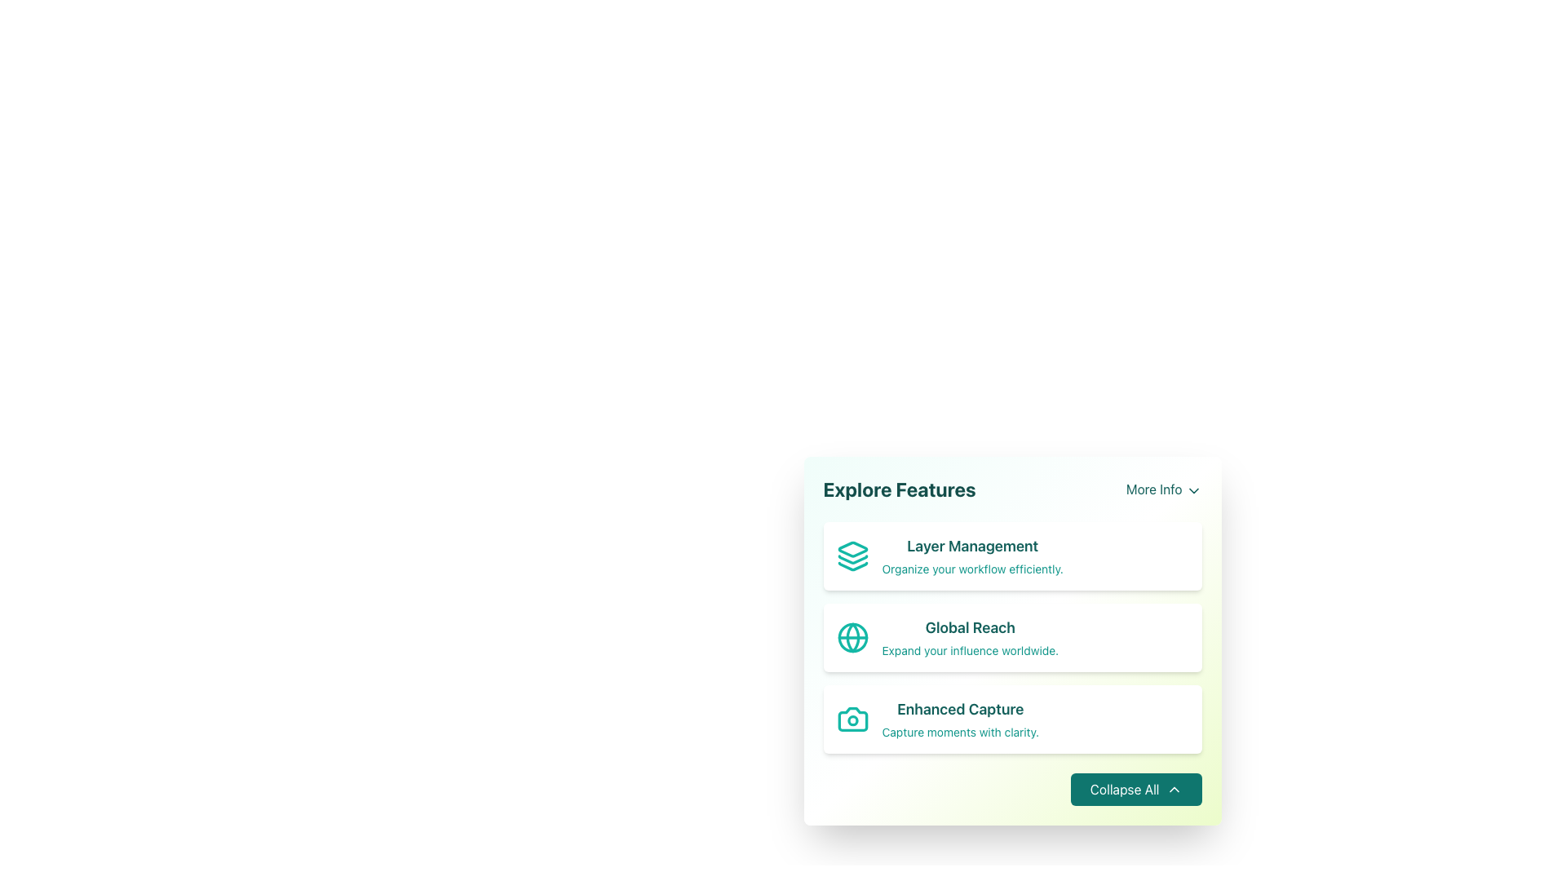 The width and height of the screenshot is (1566, 881). Describe the element at coordinates (1011, 556) in the screenshot. I see `the 'Layer Management' feature card located in the 'Explore Features' section, which is the first card in a vertical stack` at that location.